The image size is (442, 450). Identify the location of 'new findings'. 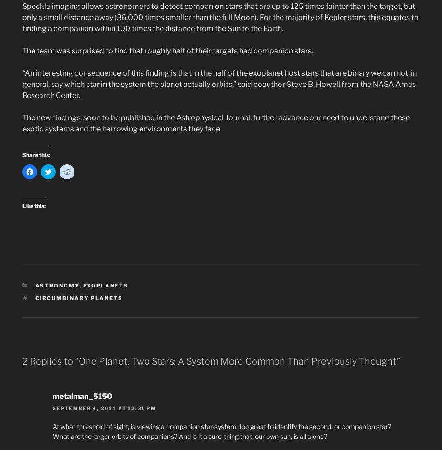
(58, 117).